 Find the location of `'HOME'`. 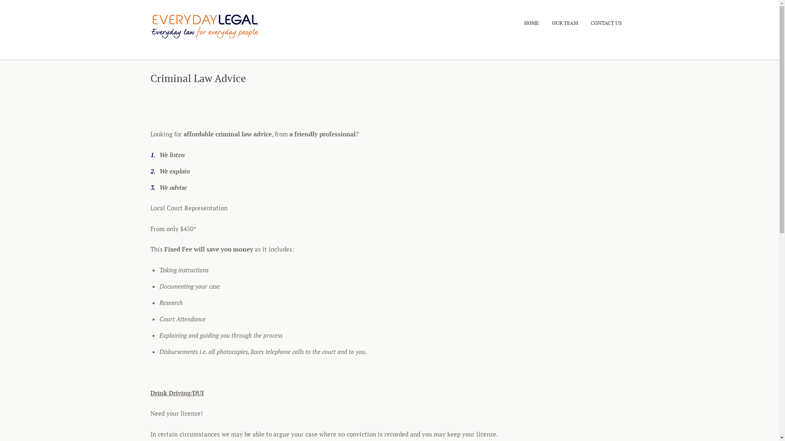

'HOME' is located at coordinates (532, 22).